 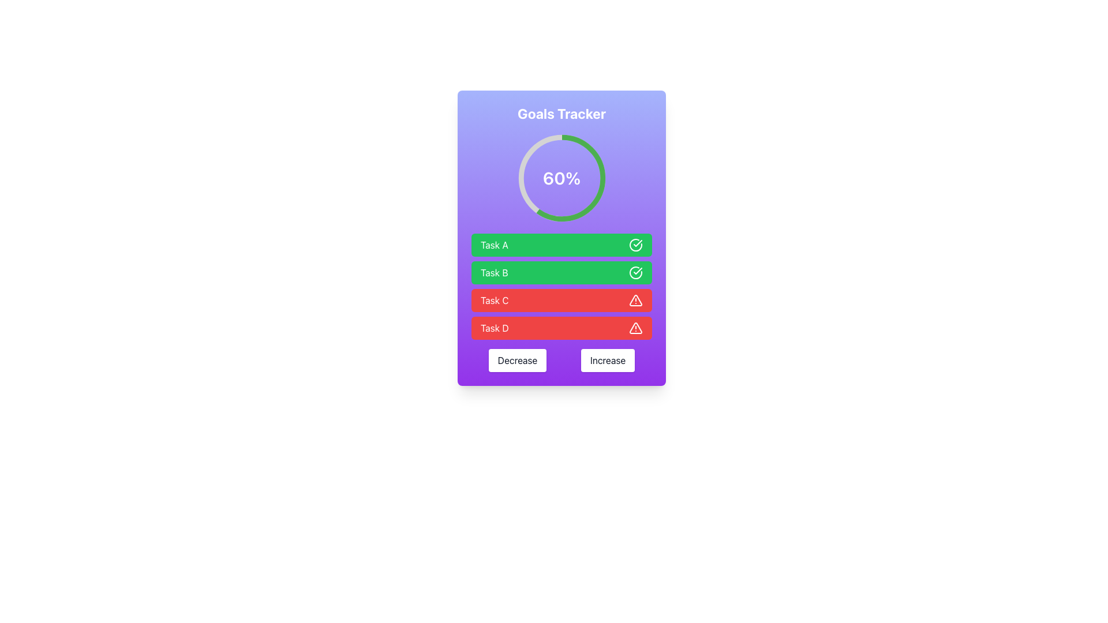 I want to click on the vector graphic component within the checkmark icon indicating the completion status of 'Task A' located in the green bar, so click(x=637, y=271).